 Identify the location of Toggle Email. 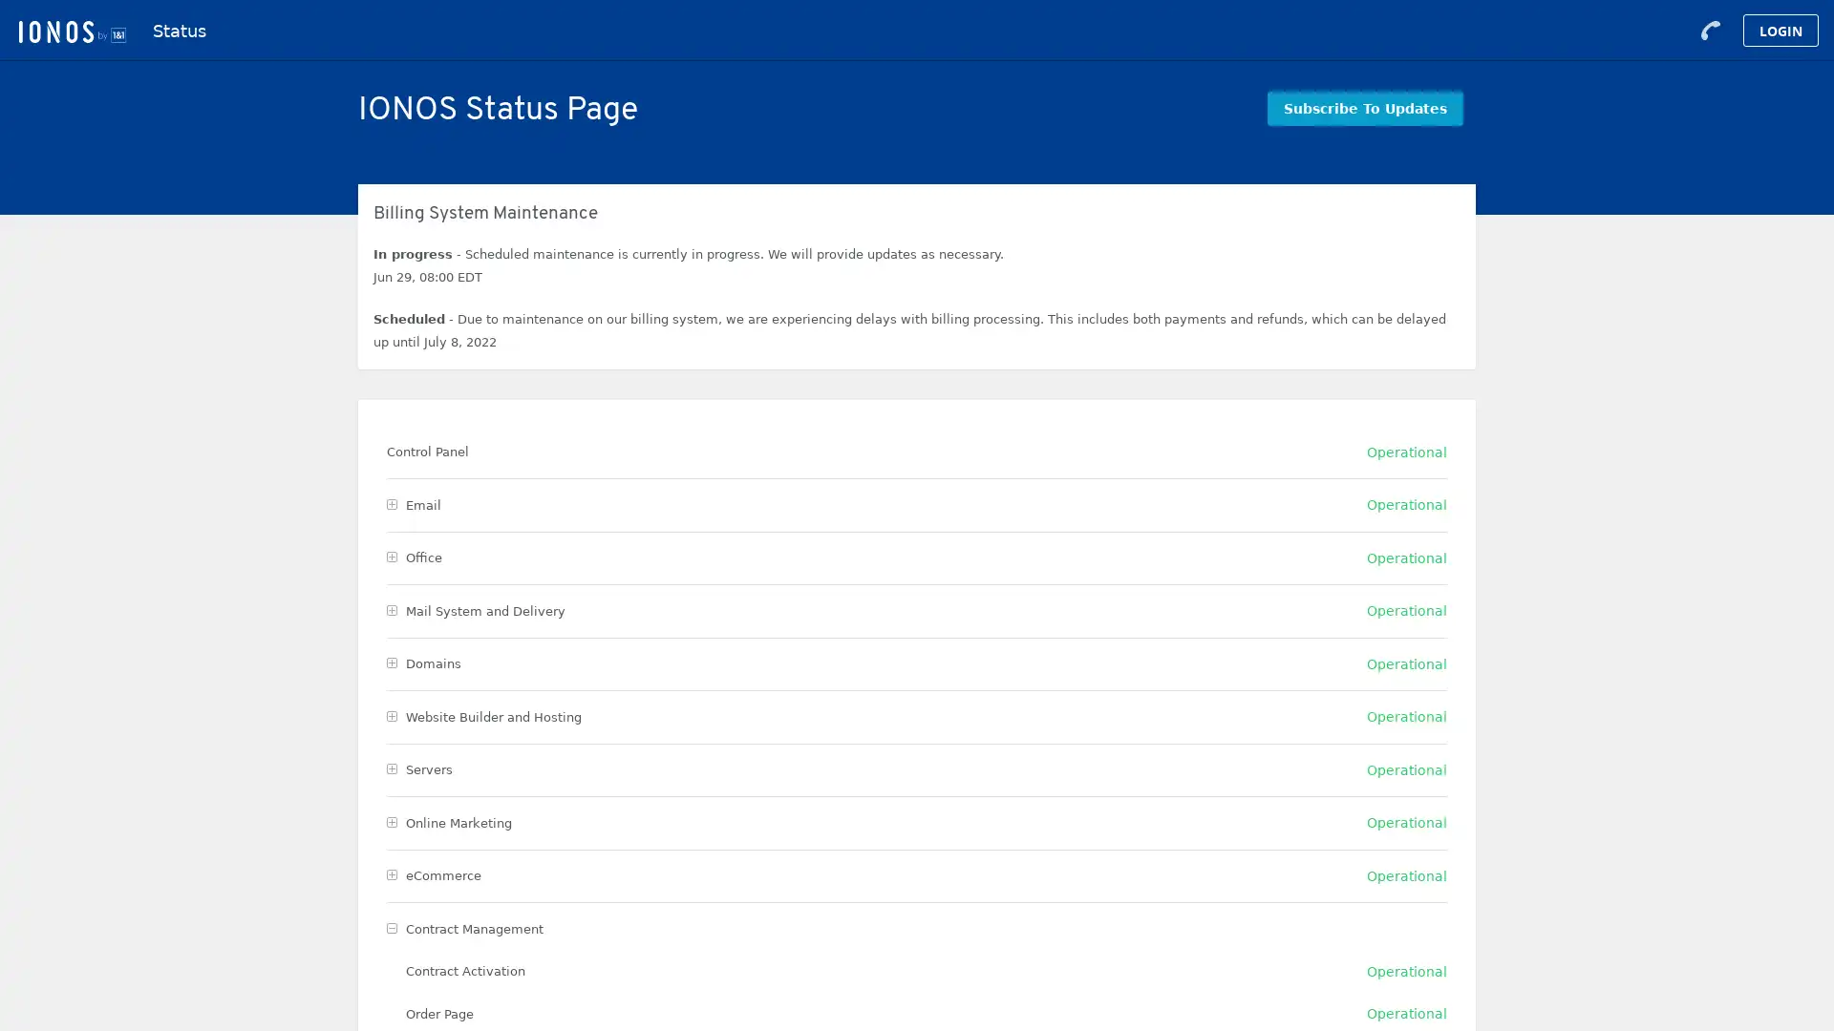
(391, 503).